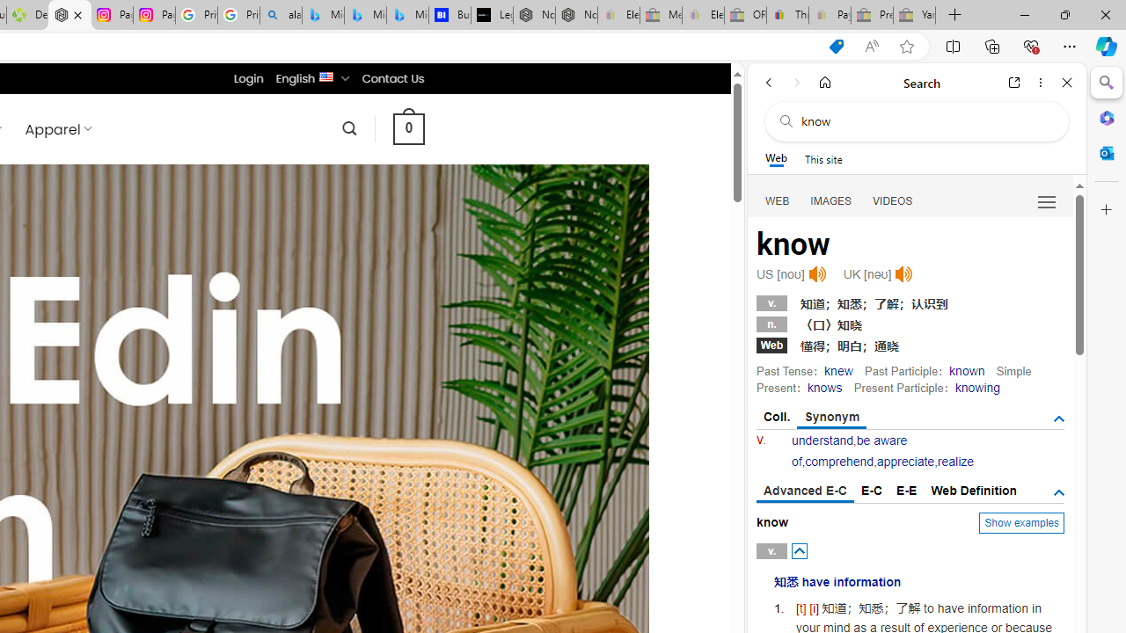 This screenshot has height=633, width=1126. Describe the element at coordinates (976, 387) in the screenshot. I see `'knowing'` at that location.